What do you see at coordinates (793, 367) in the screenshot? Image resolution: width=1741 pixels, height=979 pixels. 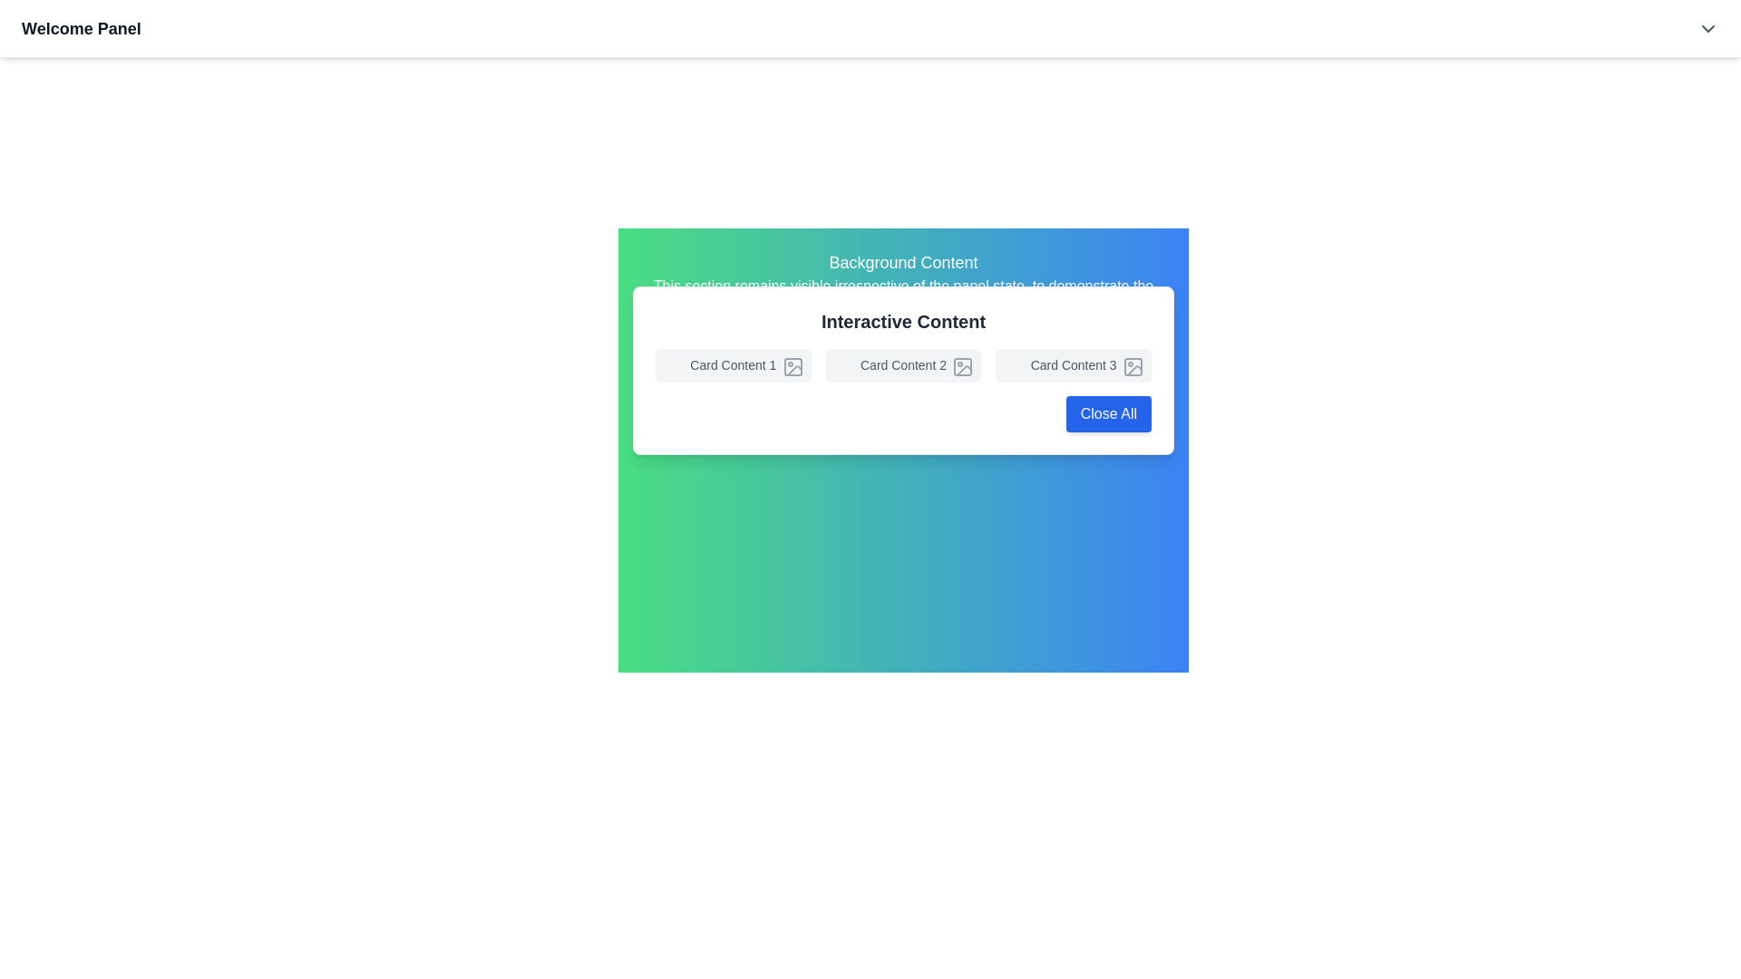 I see `the icon resembling an image representation, which features a bordered square with an inner circle and line art indicative of a photo, located at the upper right corner of 'Card Content 1'` at bounding box center [793, 367].